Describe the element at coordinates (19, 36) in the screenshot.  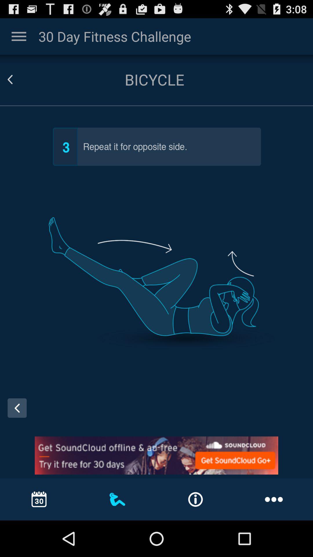
I see `no bounding box` at that location.